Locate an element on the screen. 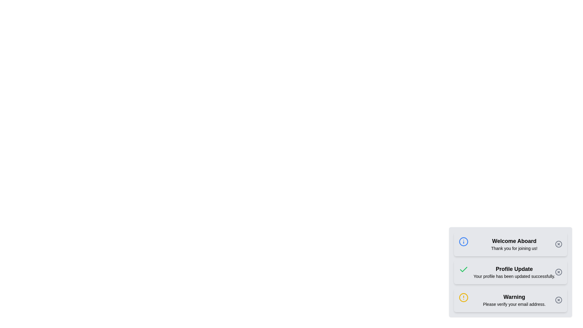 The width and height of the screenshot is (583, 328). the button resembling a circle with a cross inside it, located in the bottom-right corner of the warning message stating 'Please verify your email address' is located at coordinates (558, 299).